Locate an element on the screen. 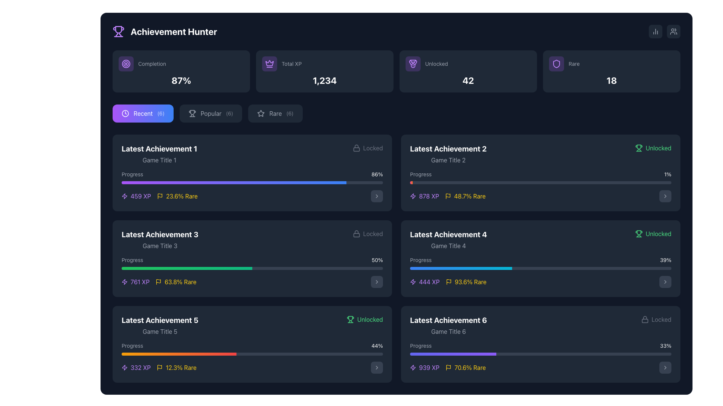 Image resolution: width=723 pixels, height=406 pixels. the square-shaped button with a dark gray background and a white icon of two abstract user outlines at its center, located at the top-right corner of the interface is located at coordinates (674, 31).